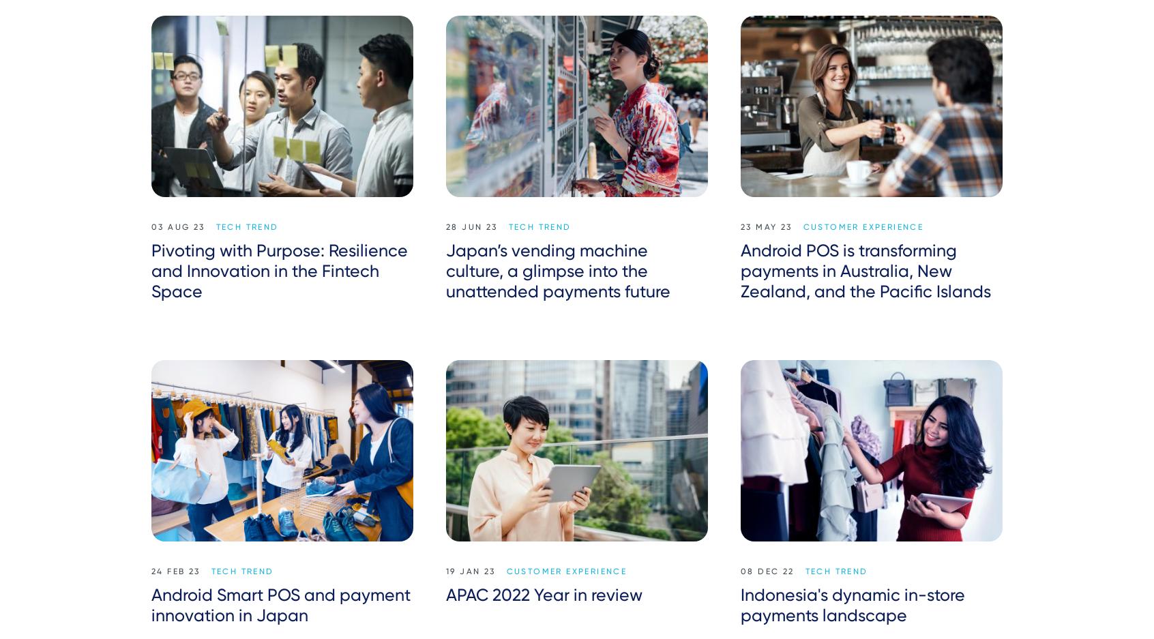 The width and height of the screenshot is (1154, 639). I want to click on 'Partner locator', so click(952, 598).